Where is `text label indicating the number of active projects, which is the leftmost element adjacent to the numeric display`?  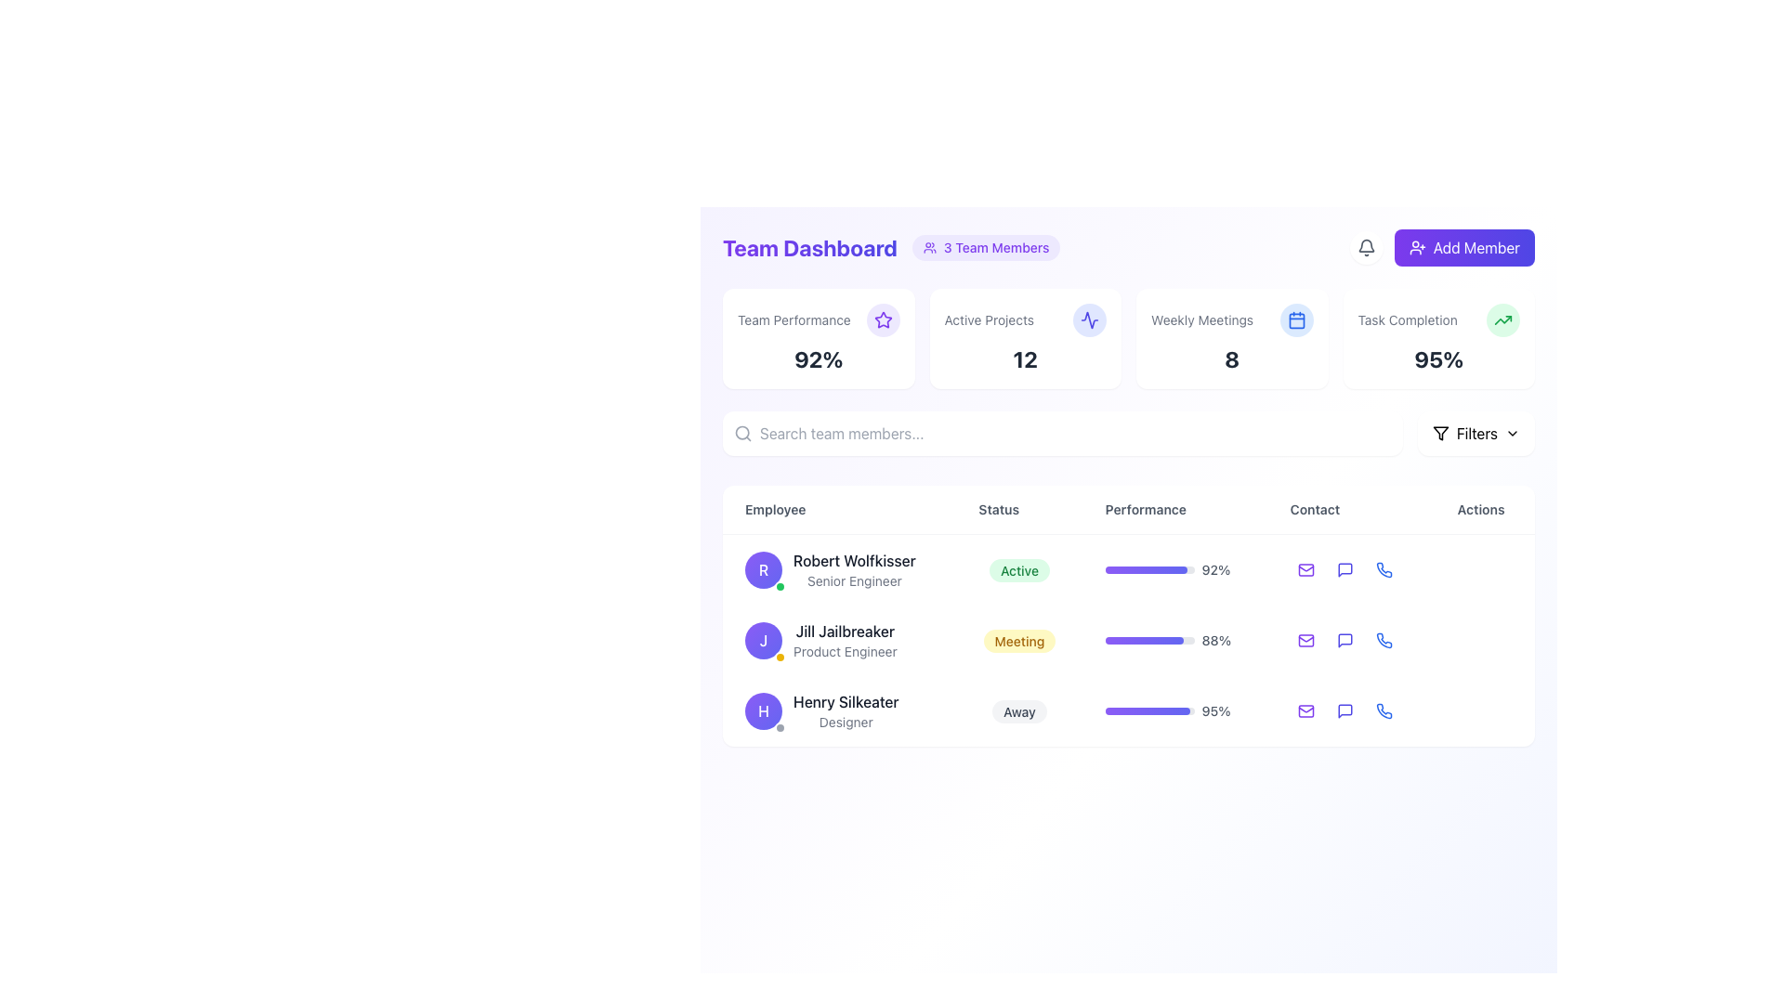
text label indicating the number of active projects, which is the leftmost element adjacent to the numeric display is located at coordinates (988, 319).